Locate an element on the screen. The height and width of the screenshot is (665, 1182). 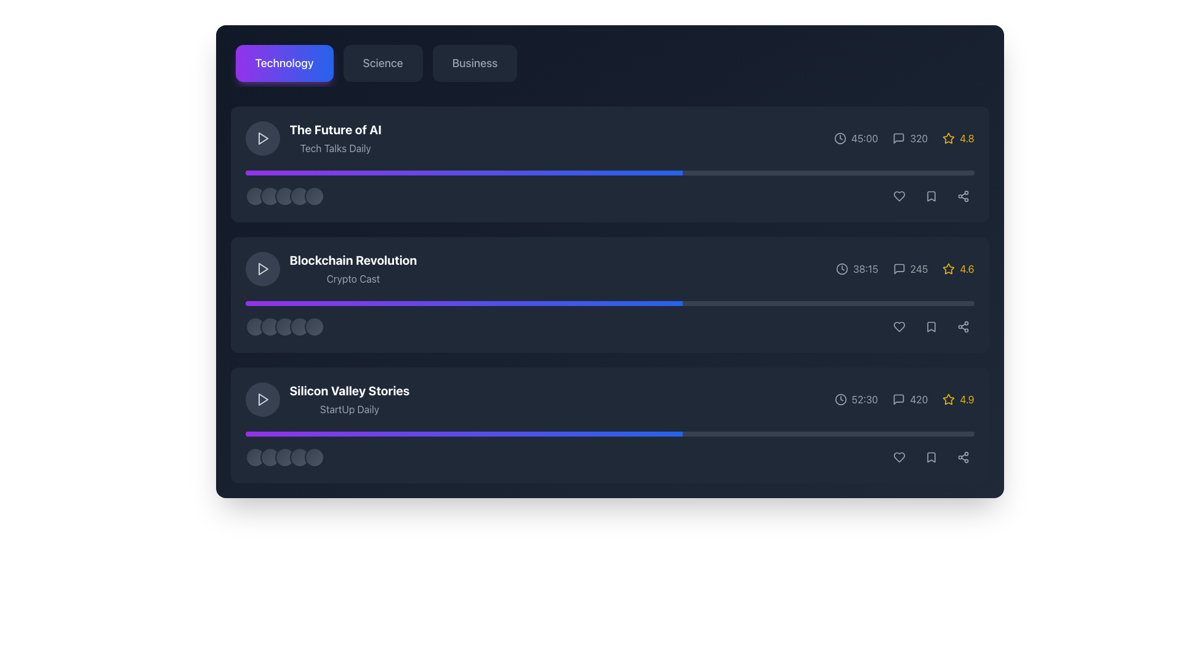
the comment indicator text with adjacent icon is located at coordinates (904, 138).